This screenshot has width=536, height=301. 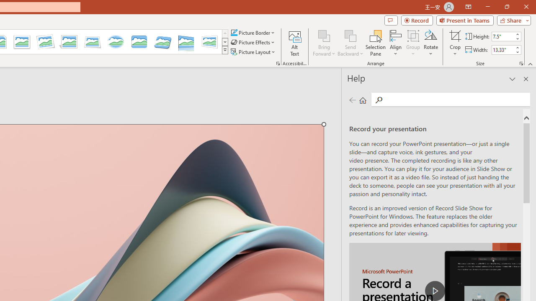 What do you see at coordinates (468, 7) in the screenshot?
I see `'Ribbon Display Options'` at bounding box center [468, 7].